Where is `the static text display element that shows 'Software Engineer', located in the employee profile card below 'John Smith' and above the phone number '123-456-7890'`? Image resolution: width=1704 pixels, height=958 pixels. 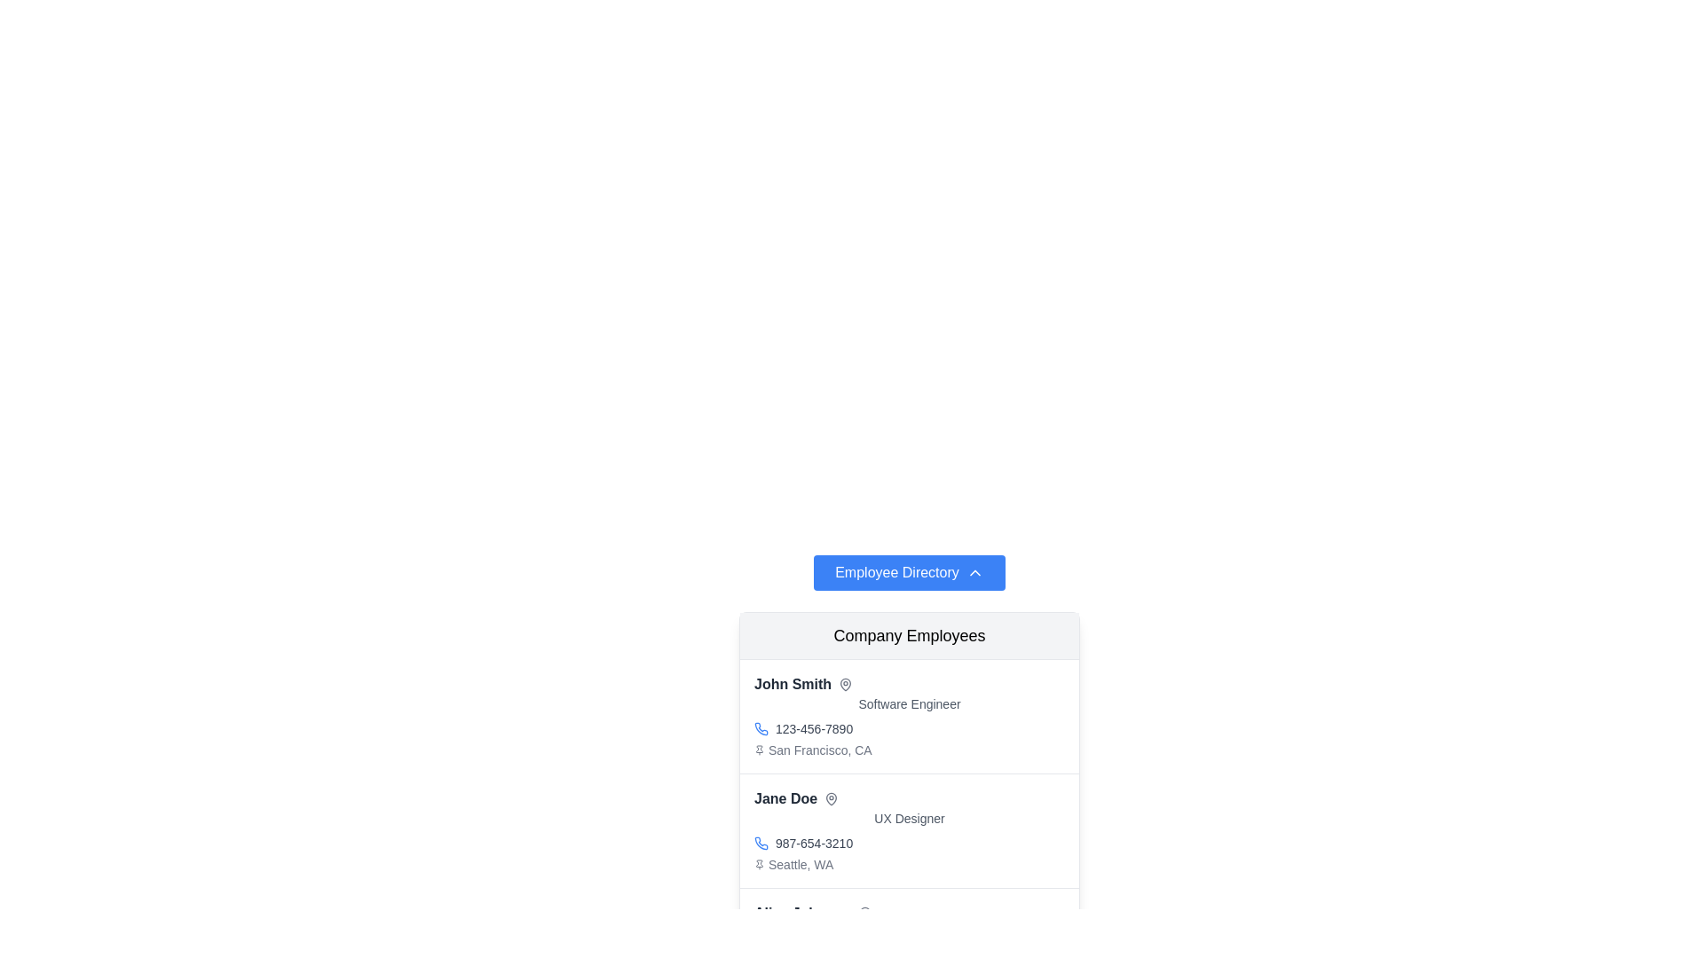 the static text display element that shows 'Software Engineer', located in the employee profile card below 'John Smith' and above the phone number '123-456-7890' is located at coordinates (910, 703).